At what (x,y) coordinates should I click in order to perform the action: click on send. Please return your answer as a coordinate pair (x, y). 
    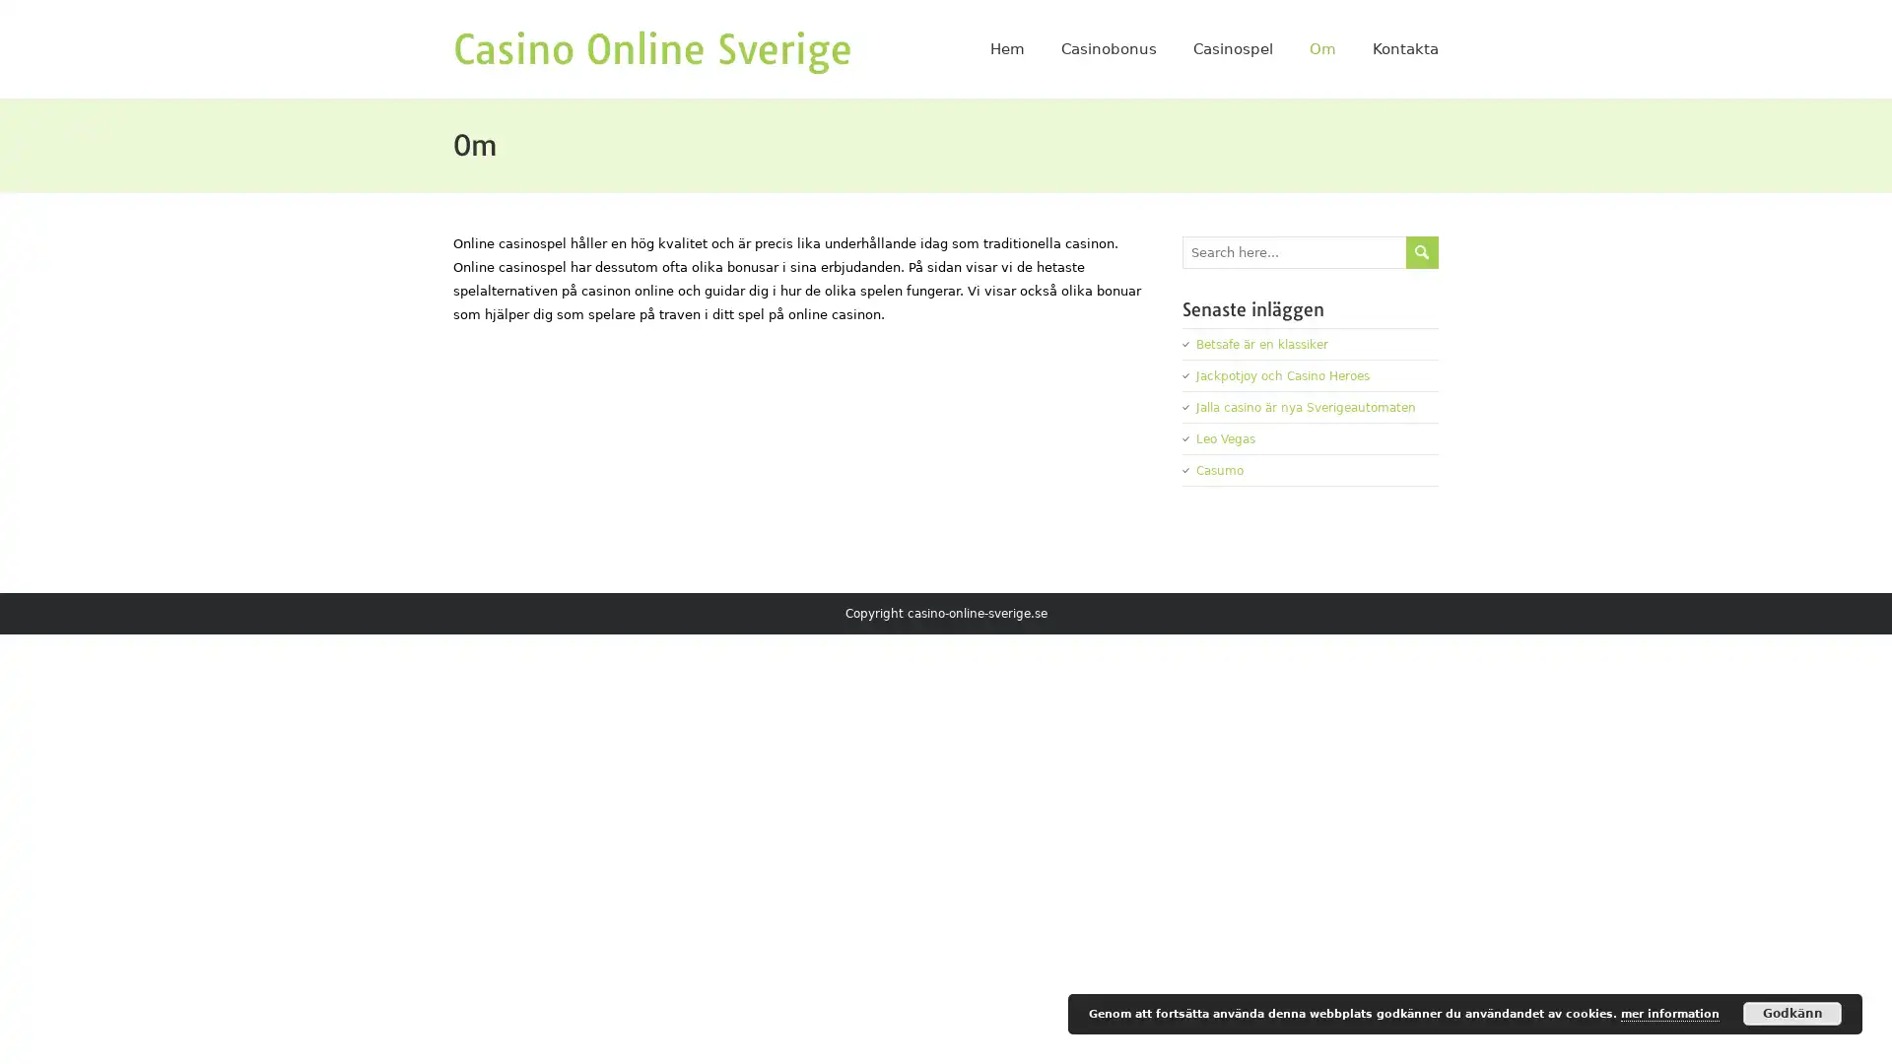
    Looking at the image, I should click on (1422, 250).